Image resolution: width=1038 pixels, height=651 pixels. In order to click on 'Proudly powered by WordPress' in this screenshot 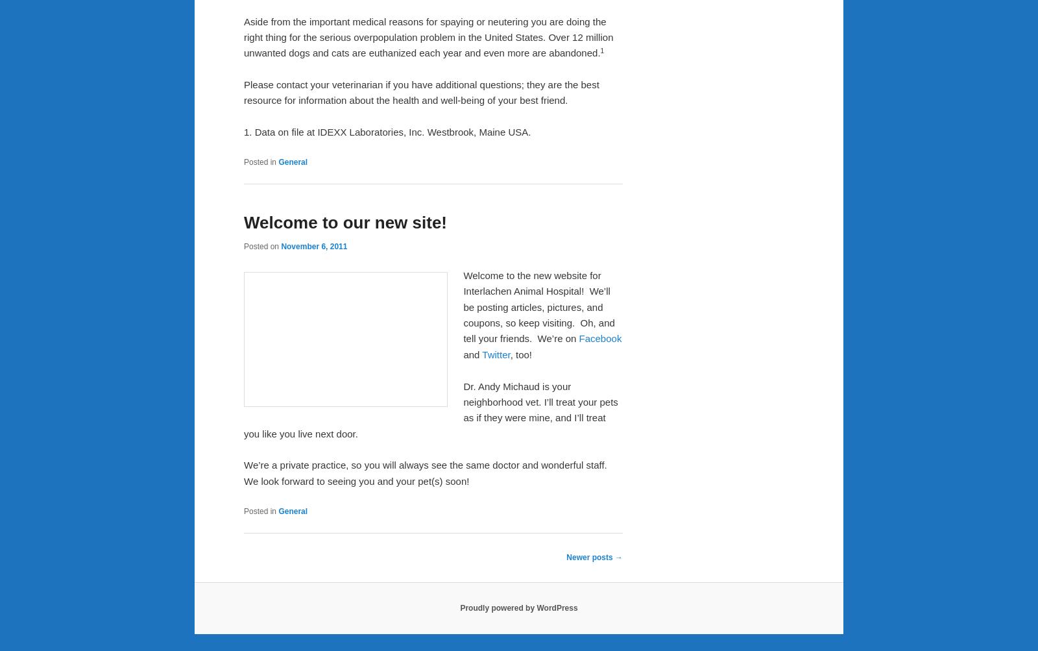, I will do `click(518, 608)`.